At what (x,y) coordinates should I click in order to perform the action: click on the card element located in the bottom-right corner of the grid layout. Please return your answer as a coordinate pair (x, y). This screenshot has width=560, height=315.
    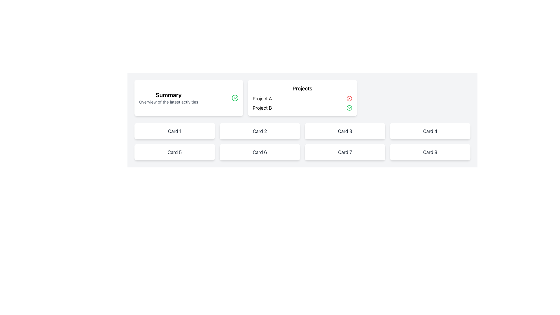
    Looking at the image, I should click on (430, 152).